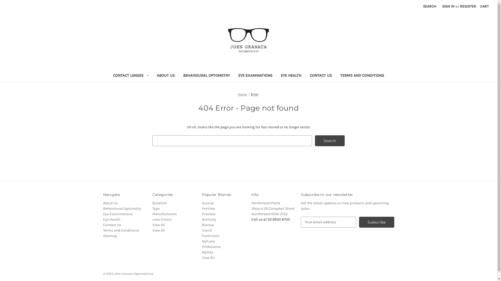  I want to click on 'REGISTER', so click(468, 6).